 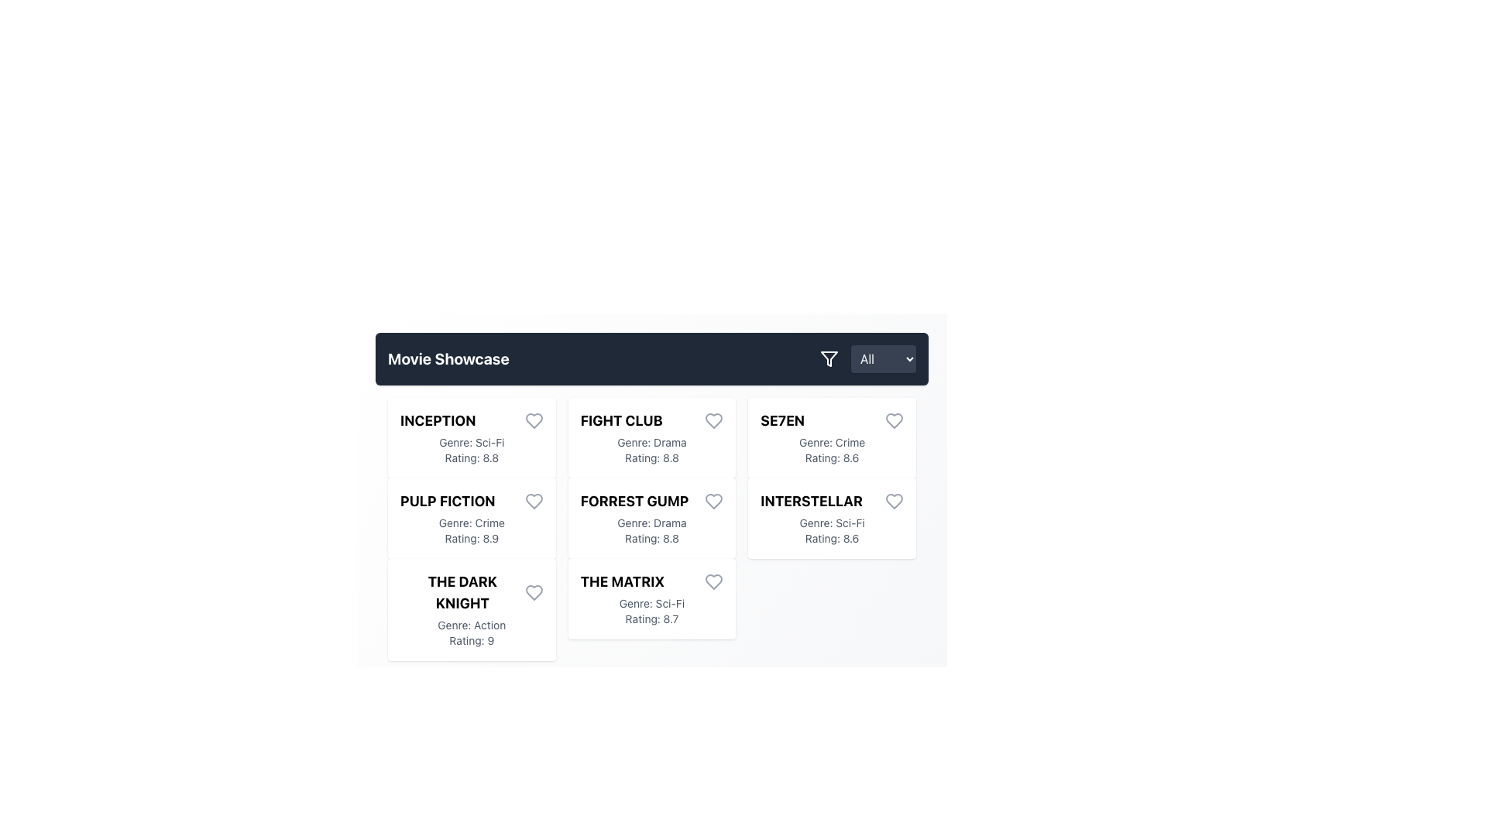 What do you see at coordinates (534, 592) in the screenshot?
I see `the heart-shaped button located to the right of the text label 'THE DARK KNIGHT'` at bounding box center [534, 592].